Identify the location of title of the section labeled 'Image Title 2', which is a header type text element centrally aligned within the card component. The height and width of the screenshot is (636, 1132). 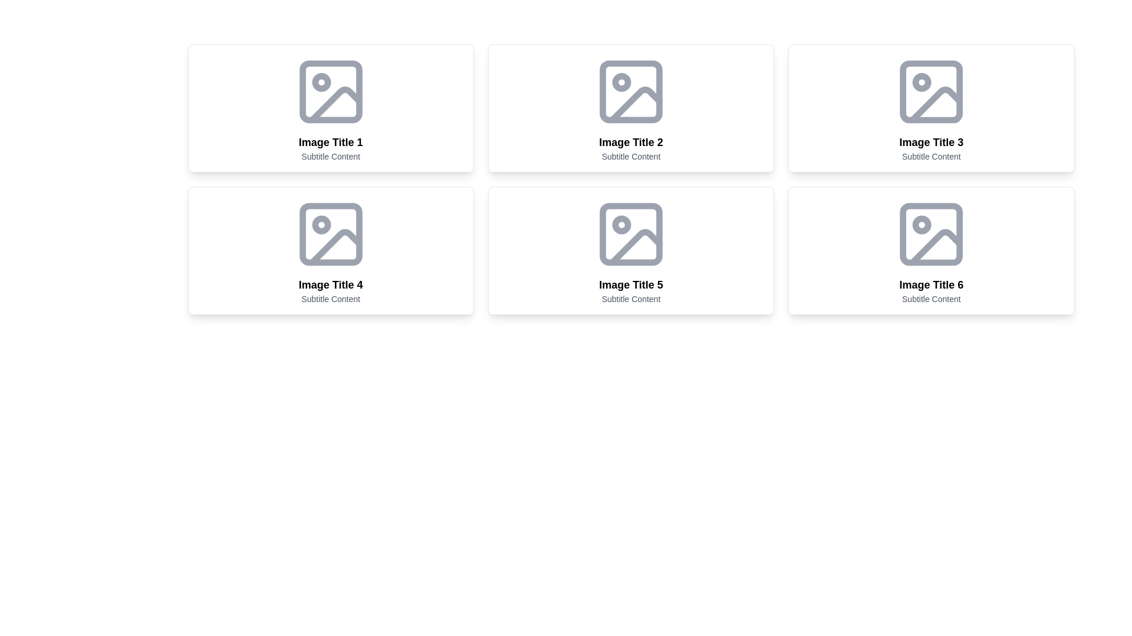
(630, 142).